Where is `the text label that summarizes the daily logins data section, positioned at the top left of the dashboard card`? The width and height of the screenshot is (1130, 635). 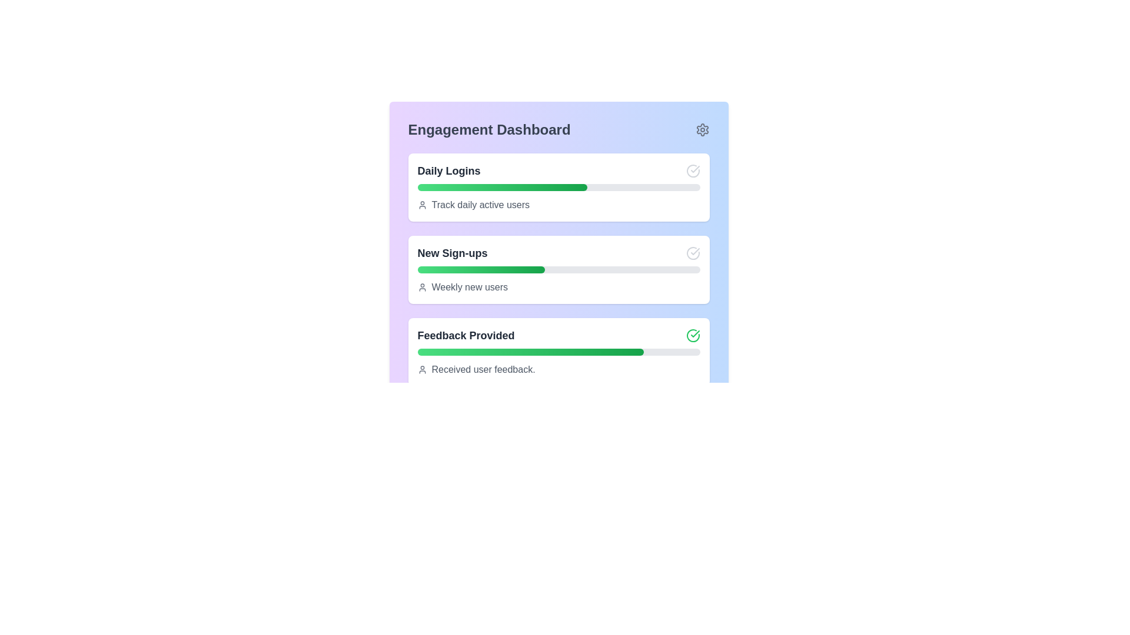
the text label that summarizes the daily logins data section, positioned at the top left of the dashboard card is located at coordinates (448, 171).